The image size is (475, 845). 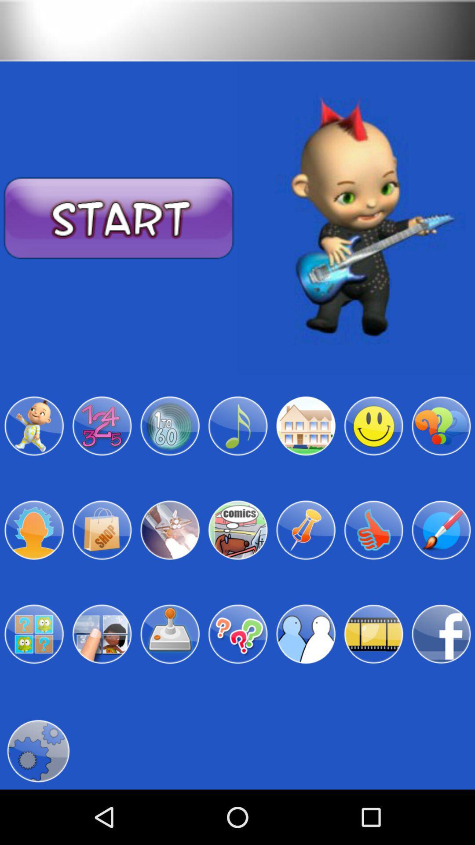 What do you see at coordinates (237, 529) in the screenshot?
I see `open the app` at bounding box center [237, 529].